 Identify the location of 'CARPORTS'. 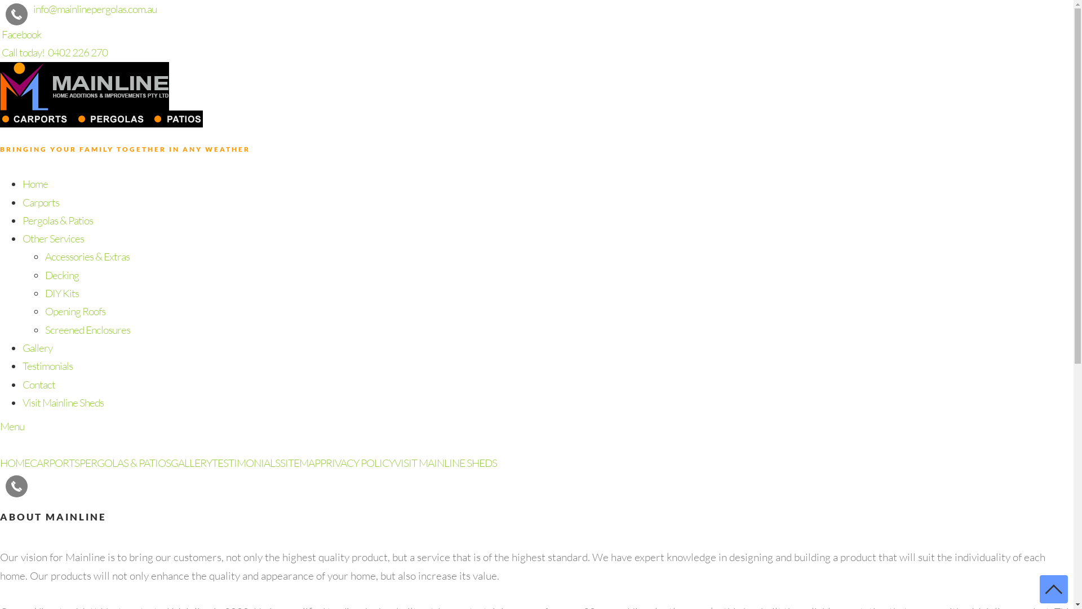
(29, 463).